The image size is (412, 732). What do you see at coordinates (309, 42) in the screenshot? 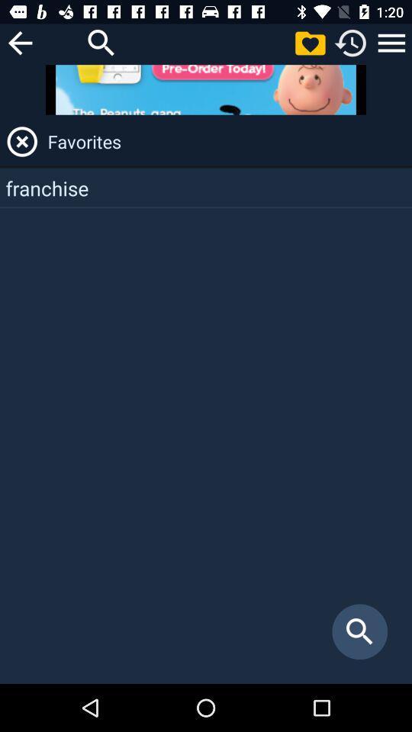
I see `folder` at bounding box center [309, 42].